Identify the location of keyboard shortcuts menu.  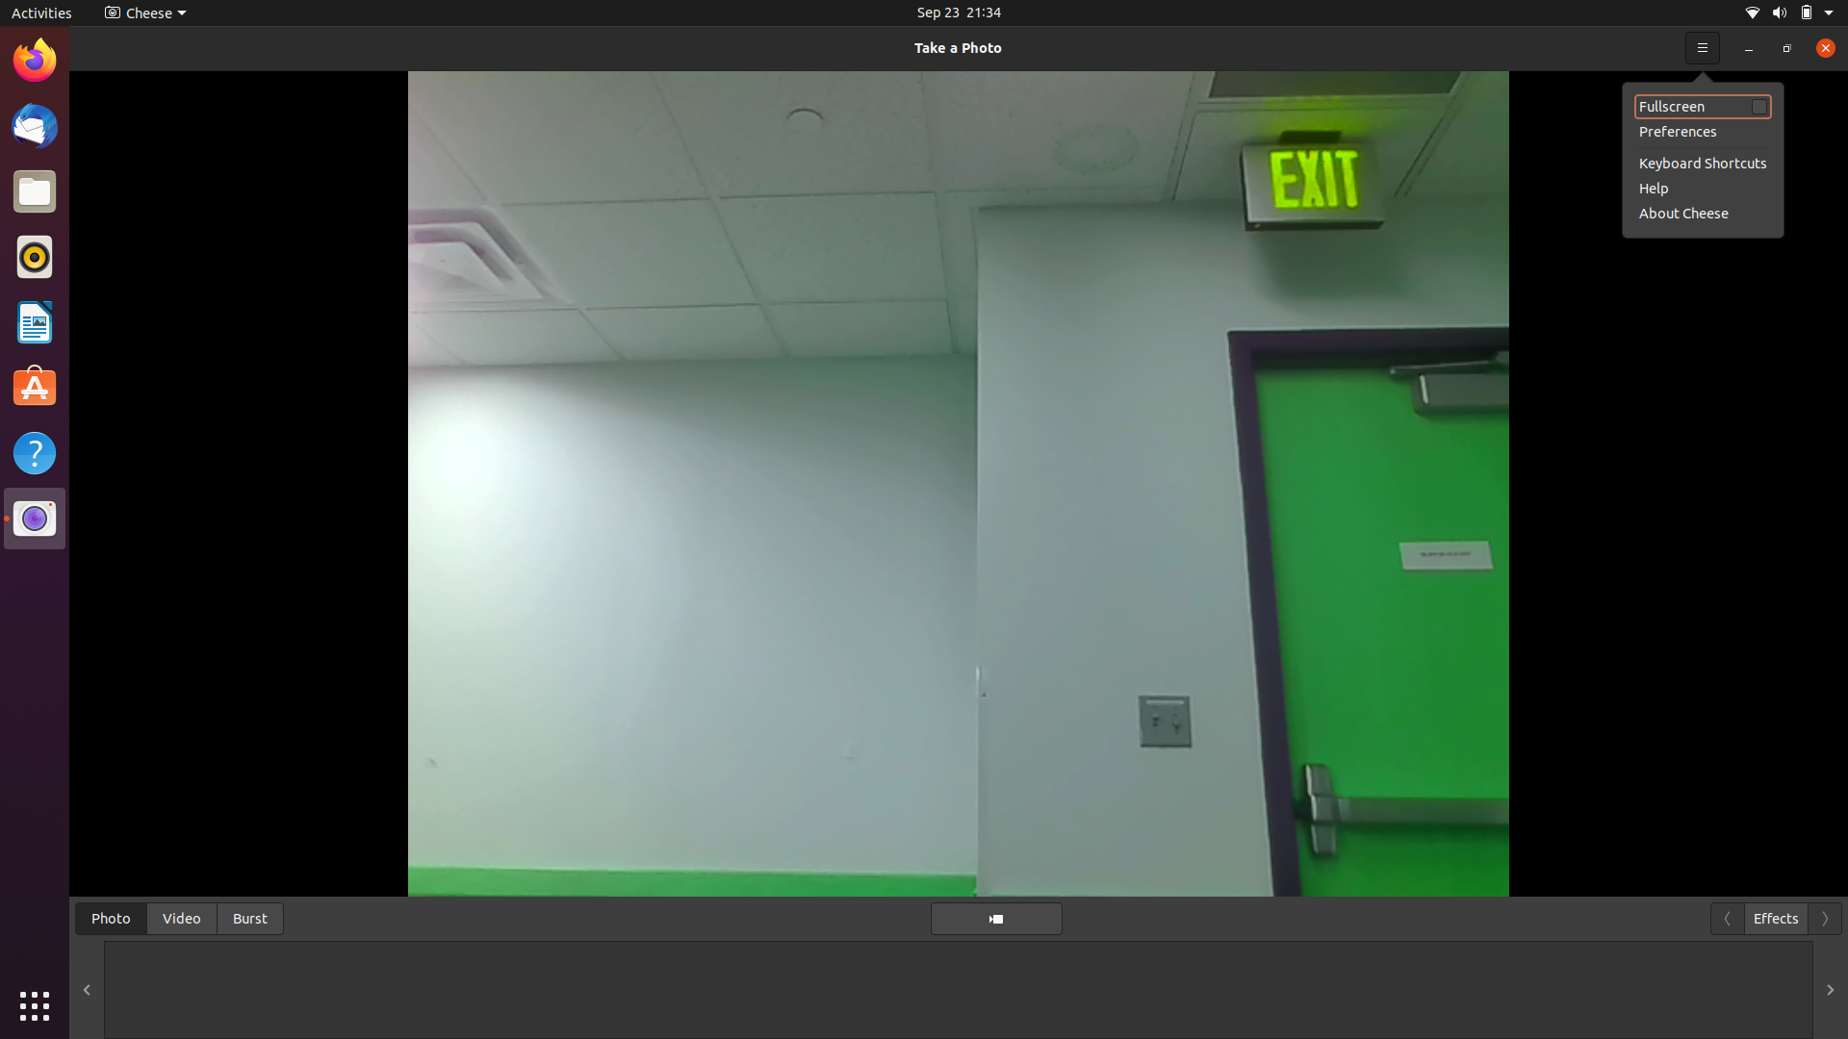
(1703, 45).